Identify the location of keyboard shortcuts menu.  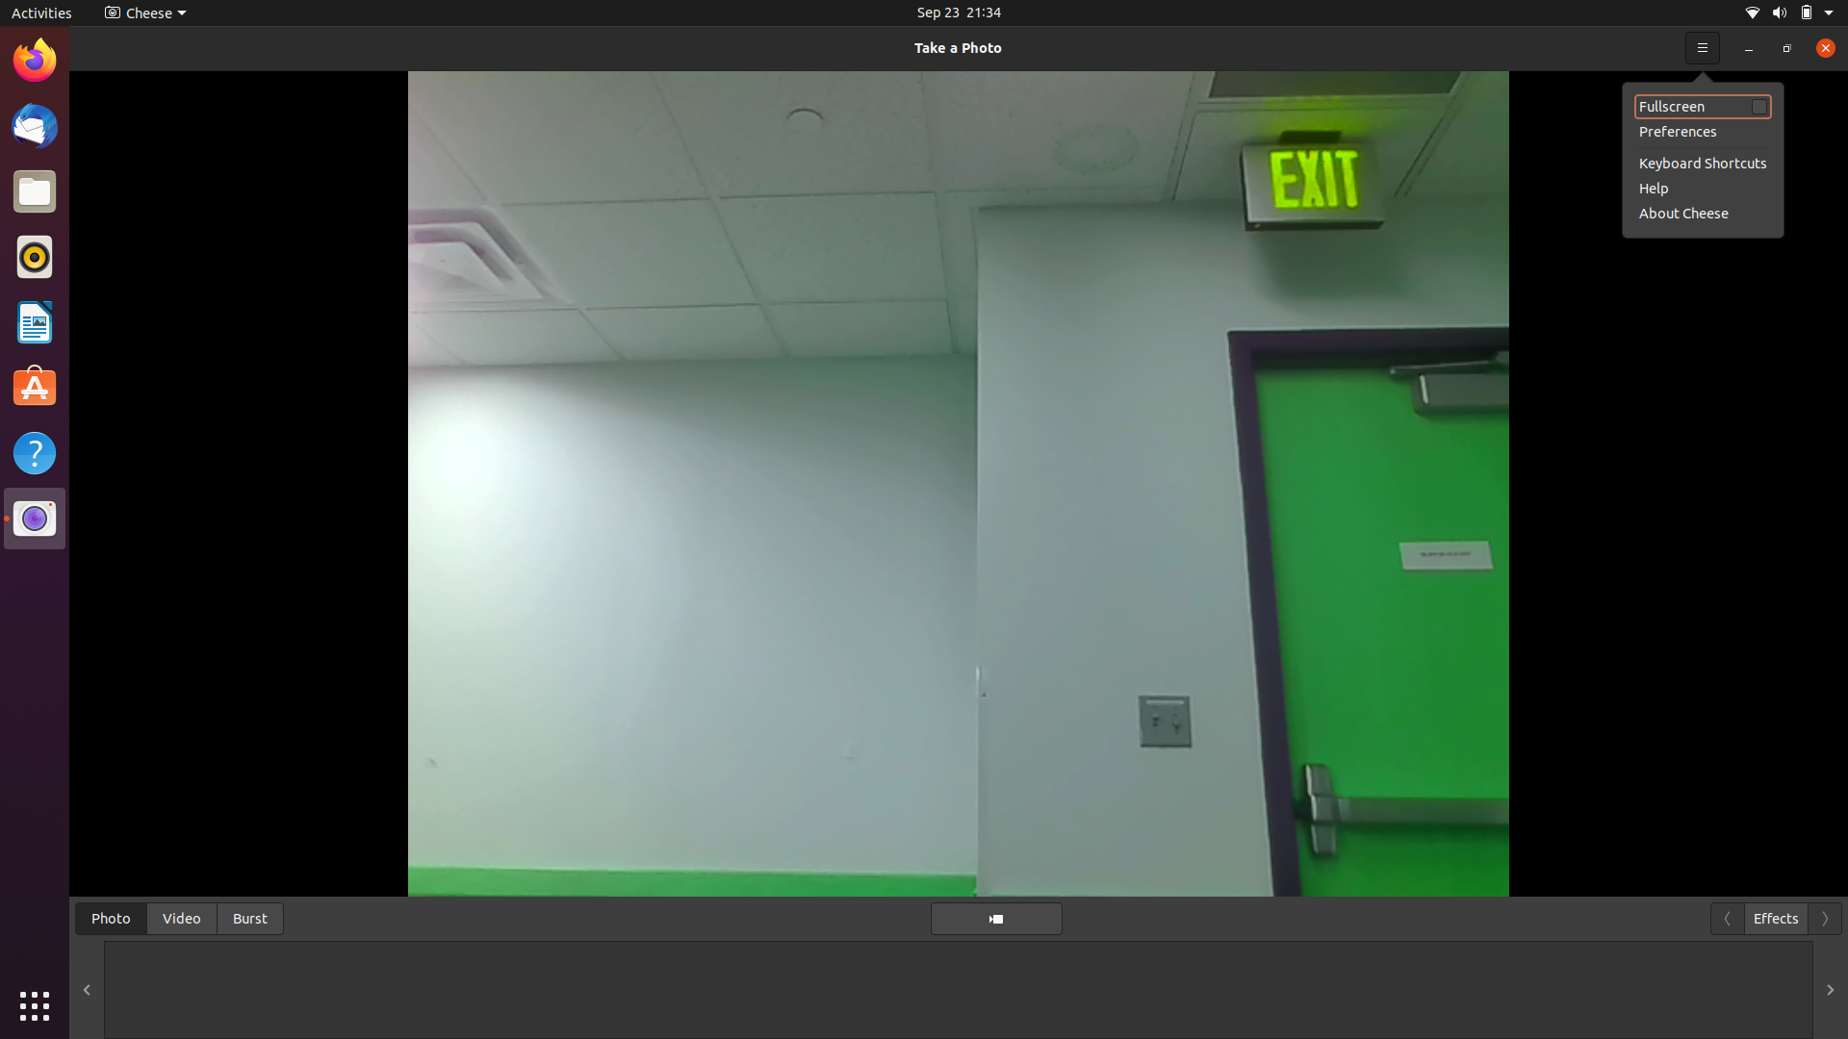
(1703, 45).